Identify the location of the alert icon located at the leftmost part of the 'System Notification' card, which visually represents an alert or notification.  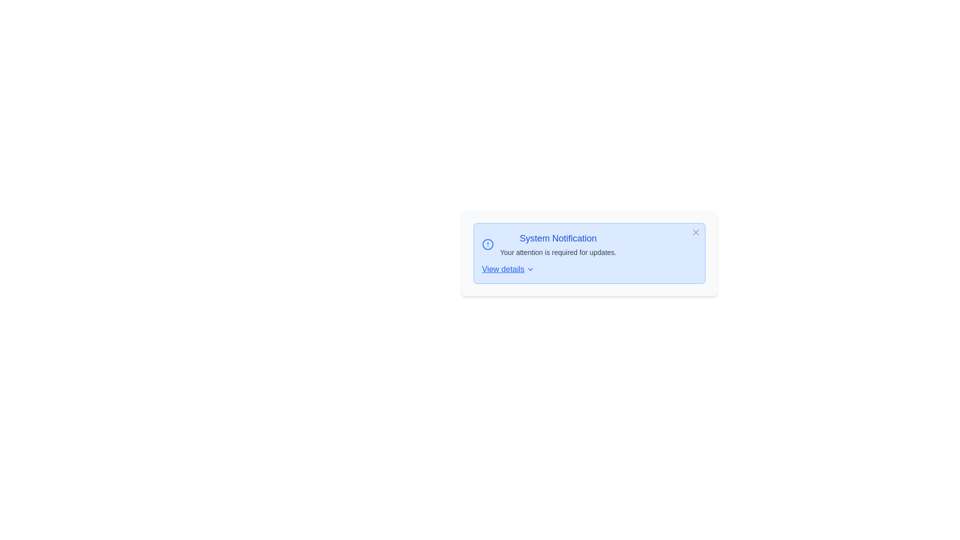
(487, 244).